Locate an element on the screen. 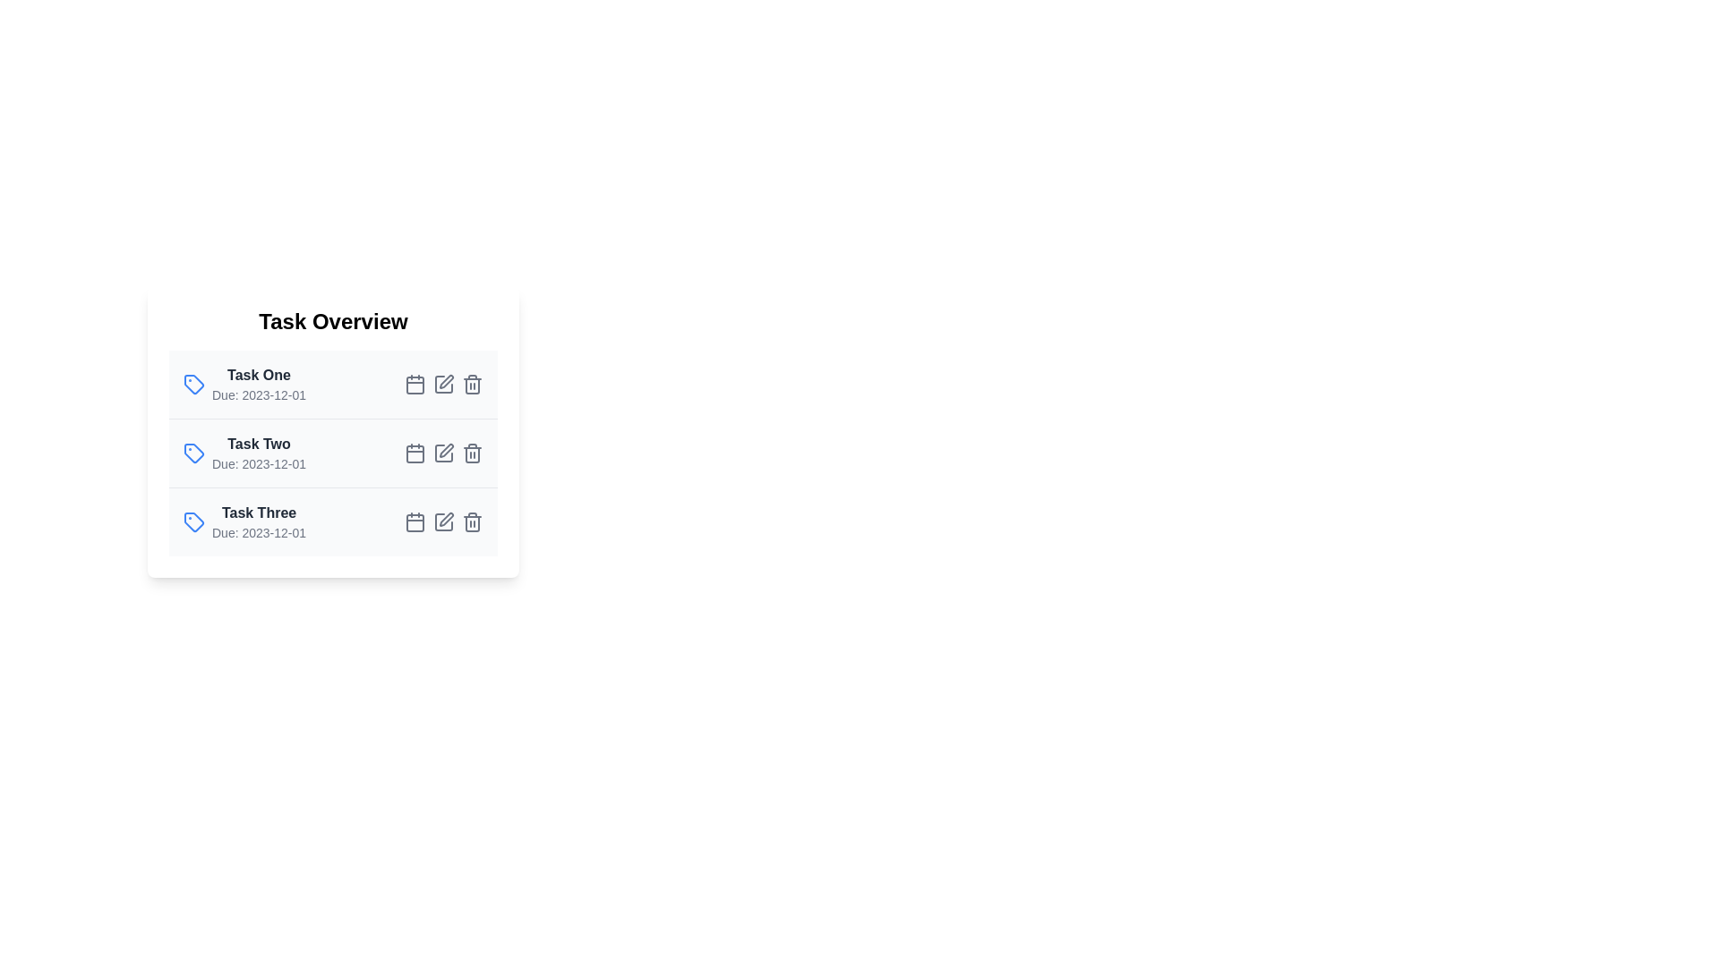  the delete icon button located in the first row of the task overview section, aligned to the right side of the row is located at coordinates (473, 383).